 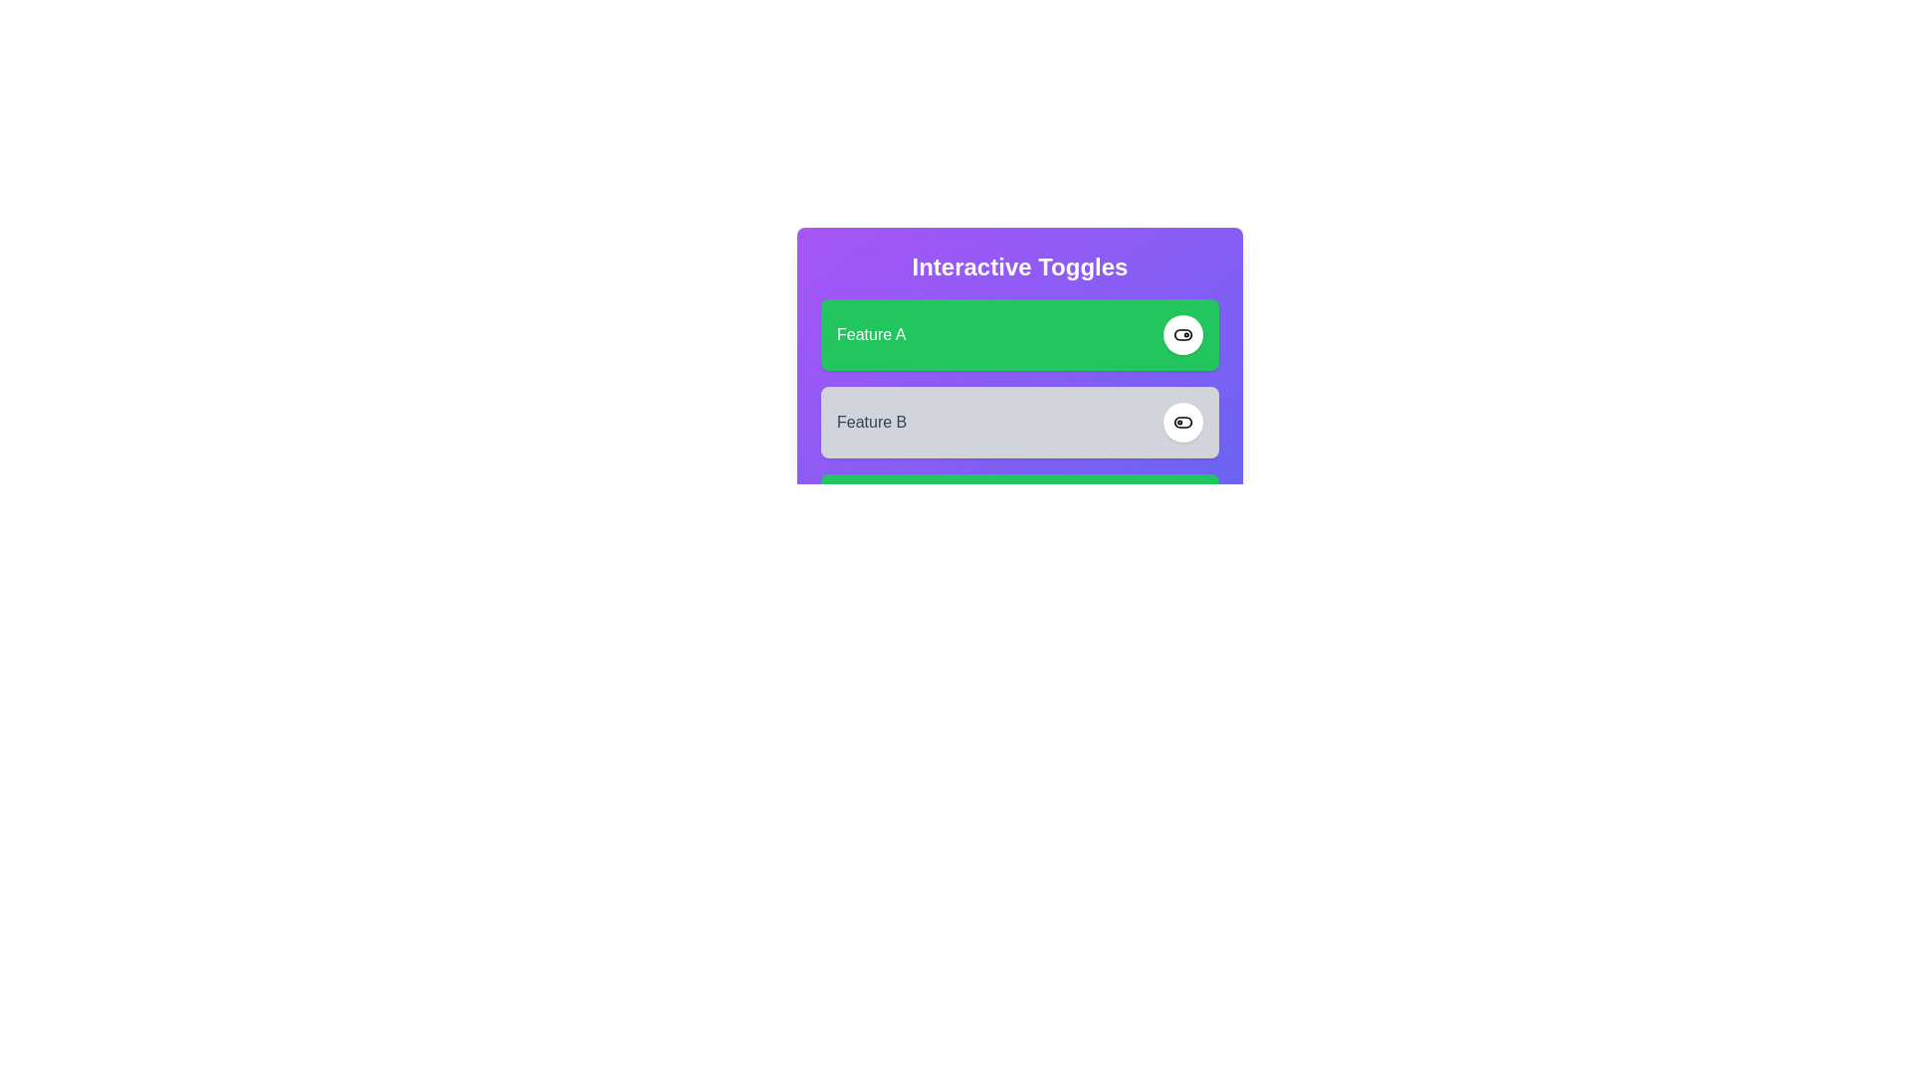 I want to click on the feature Feature B by clicking its associated toggle button, so click(x=1183, y=421).